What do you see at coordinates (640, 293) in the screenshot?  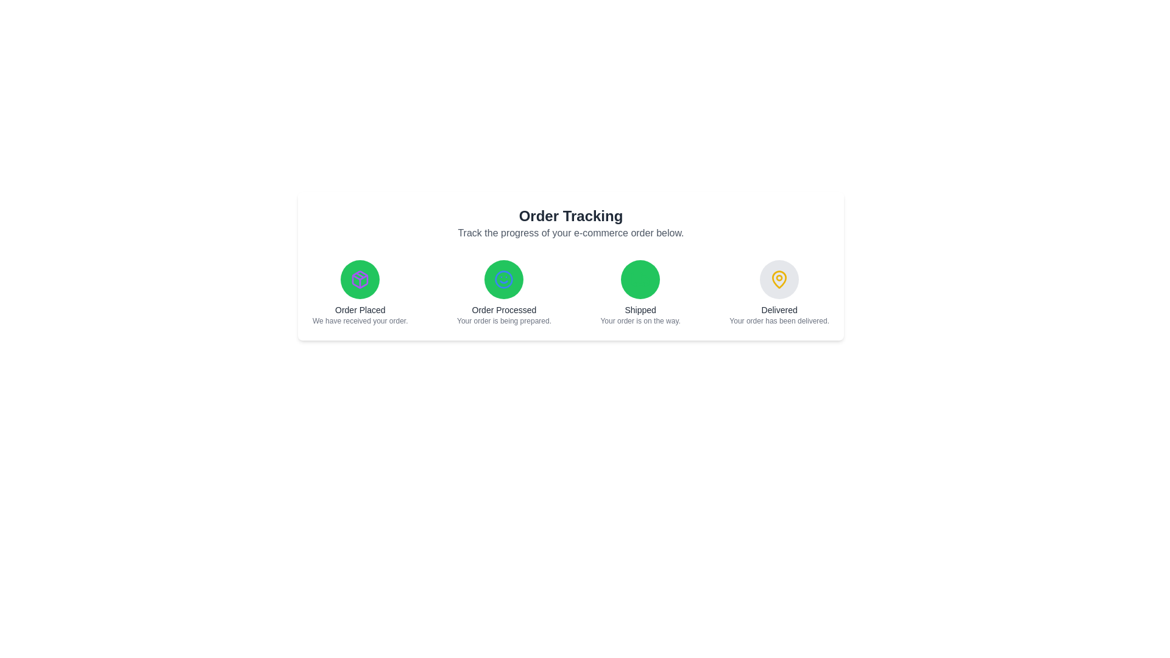 I see `the 'Shipped' stage indicator in the progress tracker, which is the third item in a four-step layout, to check the current order status information` at bounding box center [640, 293].